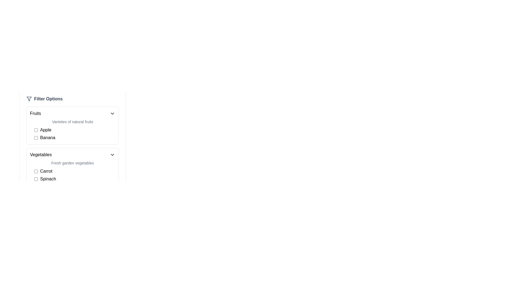 Image resolution: width=528 pixels, height=297 pixels. I want to click on text of the label displaying 'Fresh garden vegetables', which is styled in a small gray font and located below the 'Vegetables' heading in the filtering options panel, so click(72, 163).